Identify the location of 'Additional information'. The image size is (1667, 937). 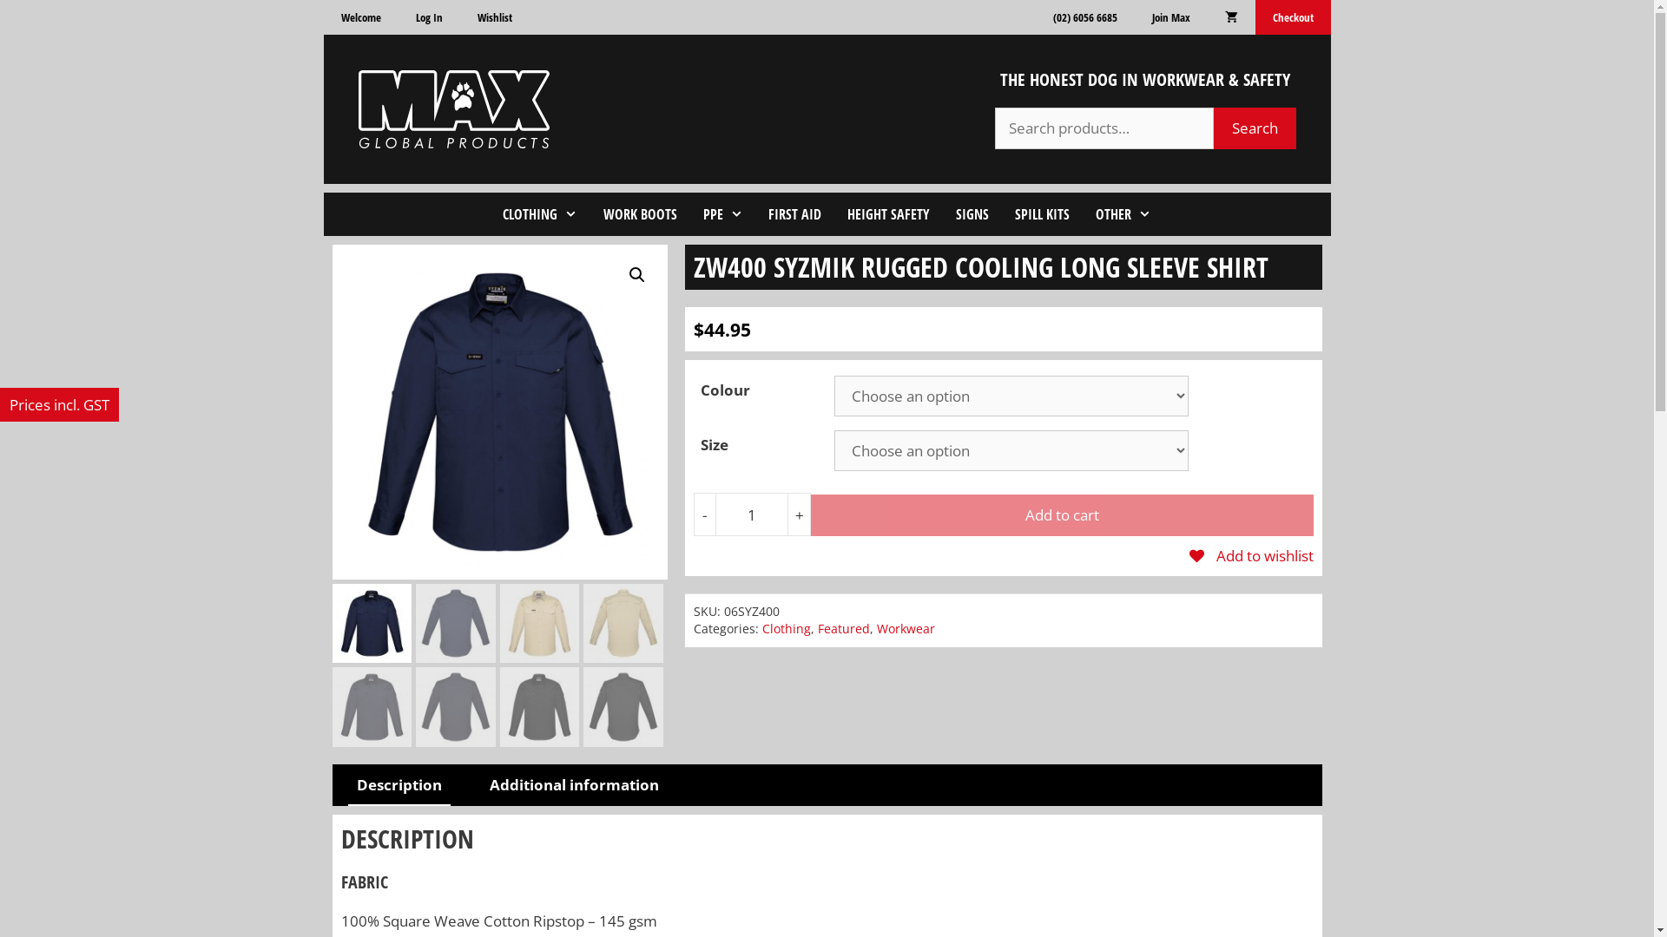
(574, 786).